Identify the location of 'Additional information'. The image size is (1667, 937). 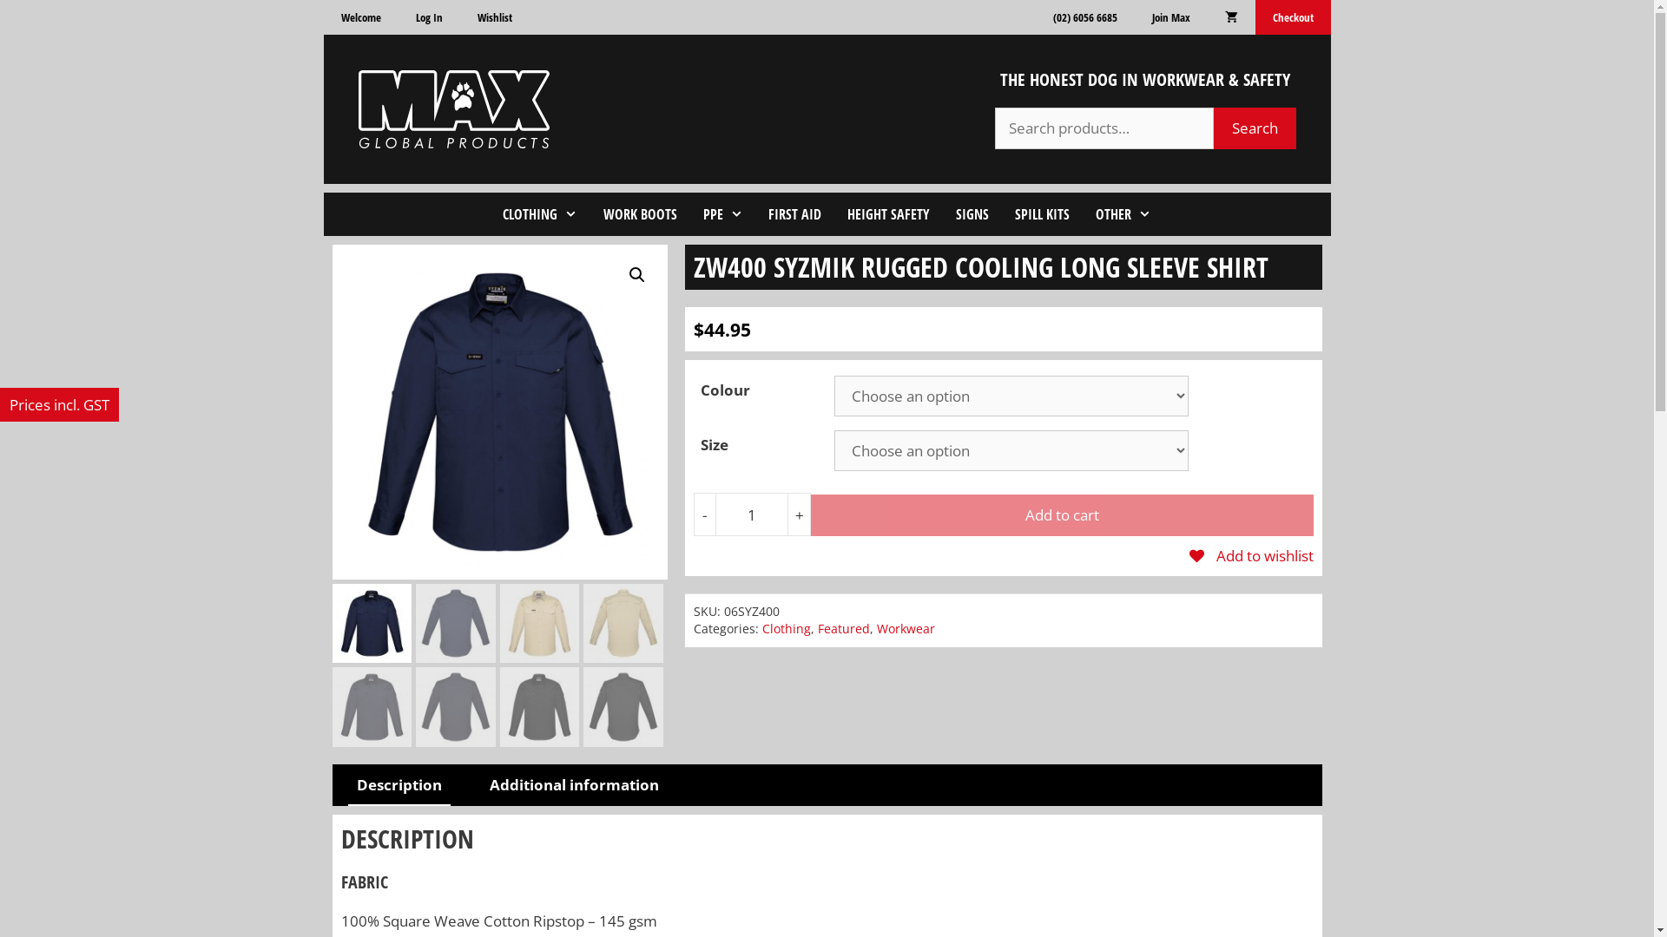
(574, 786).